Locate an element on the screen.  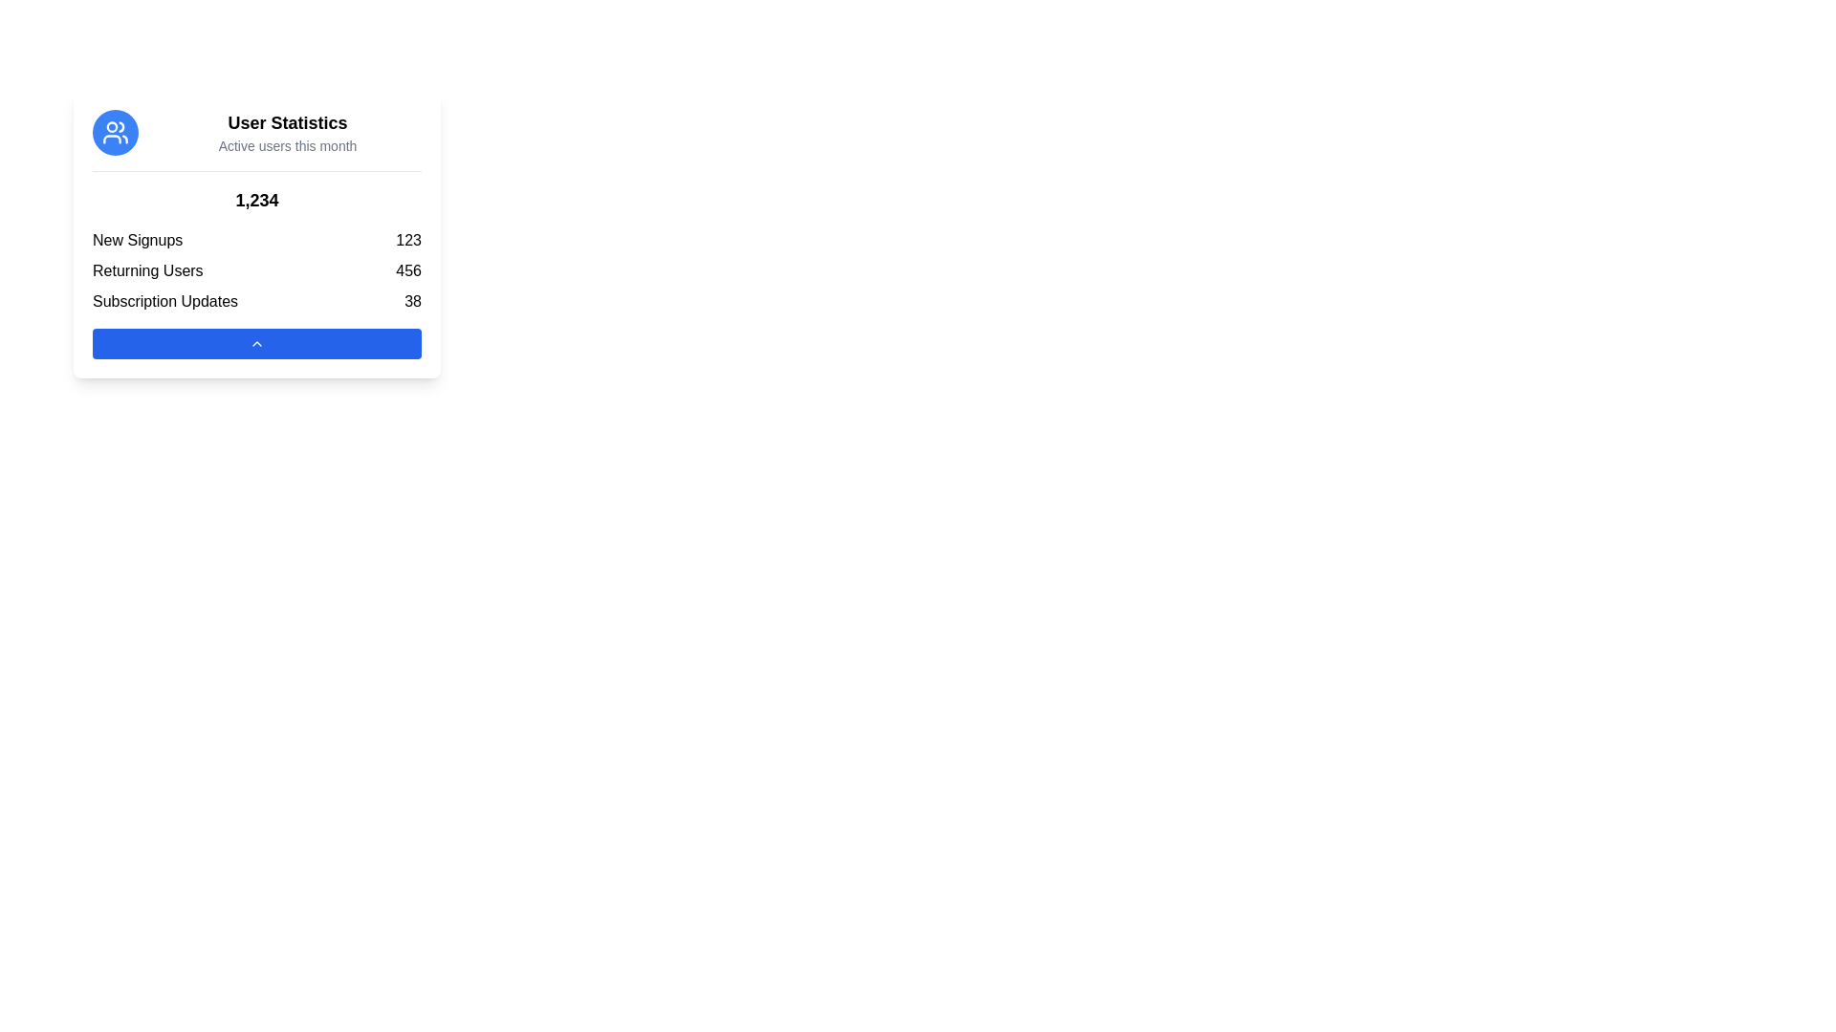
the 'New Signups' labeled data display in the user statistics panel is located at coordinates (255, 239).